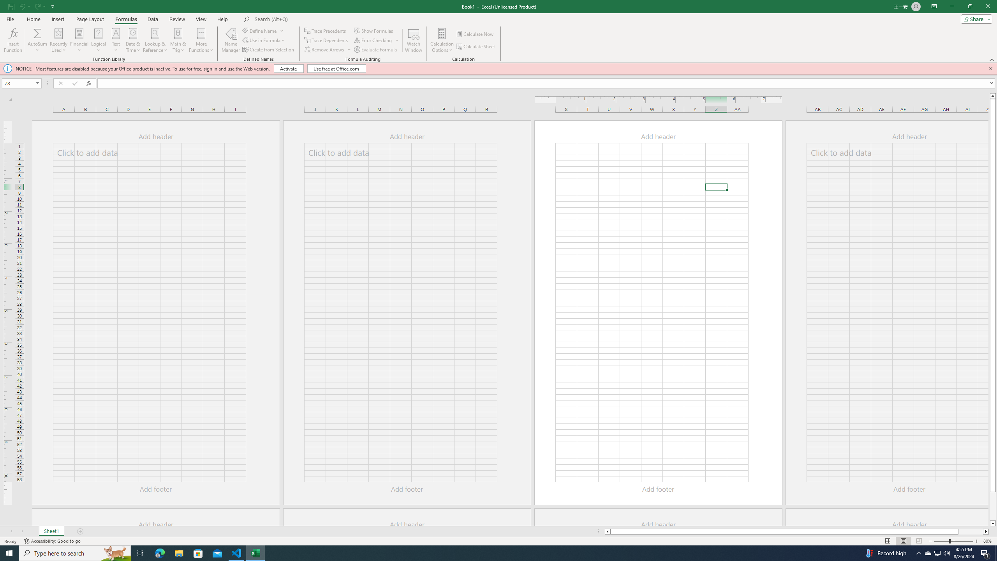 This screenshot has width=997, height=561. What do you see at coordinates (155, 40) in the screenshot?
I see `'Lookup & Reference'` at bounding box center [155, 40].